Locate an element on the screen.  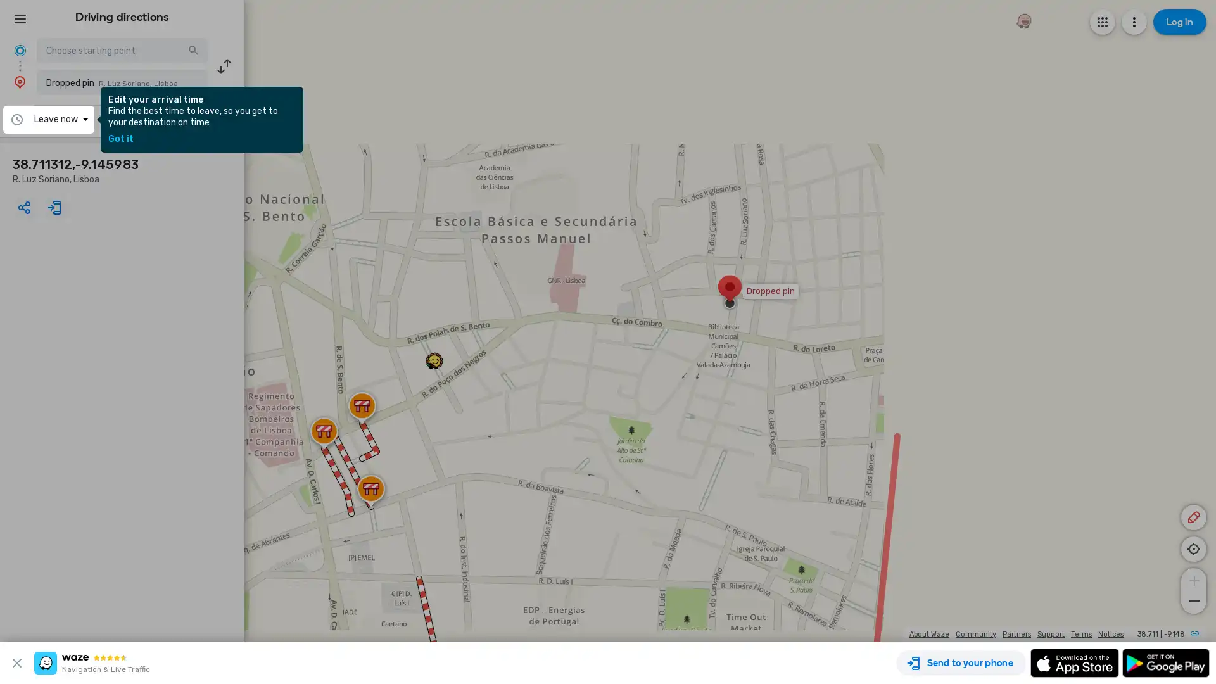
Got it is located at coordinates (121, 139).